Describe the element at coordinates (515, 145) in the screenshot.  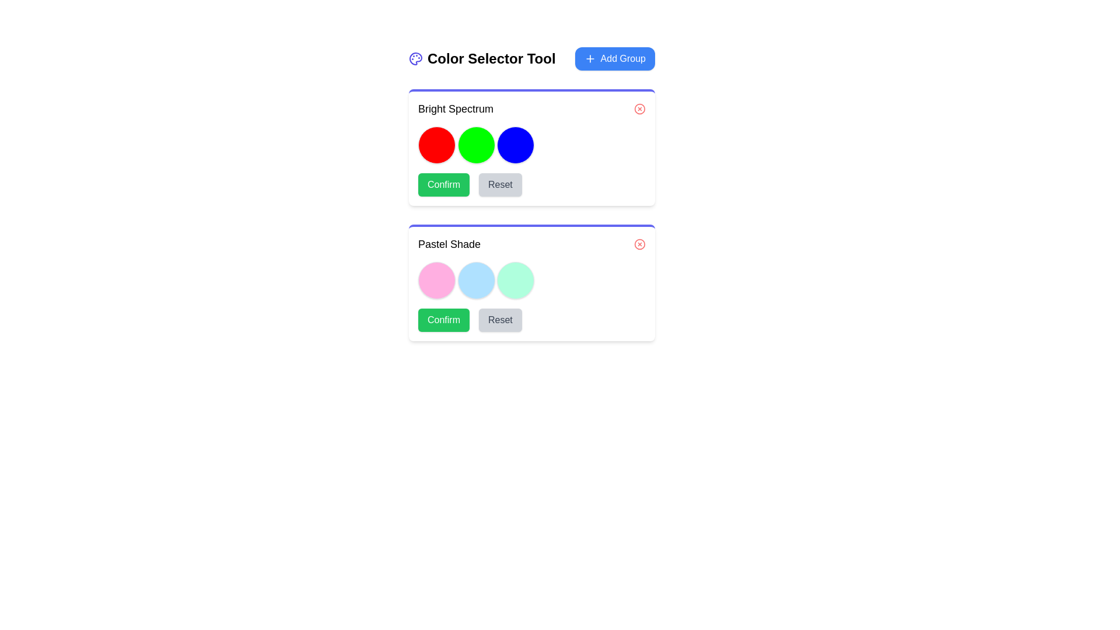
I see `the blue circular button located in the 'Bright Spectrum' section` at that location.